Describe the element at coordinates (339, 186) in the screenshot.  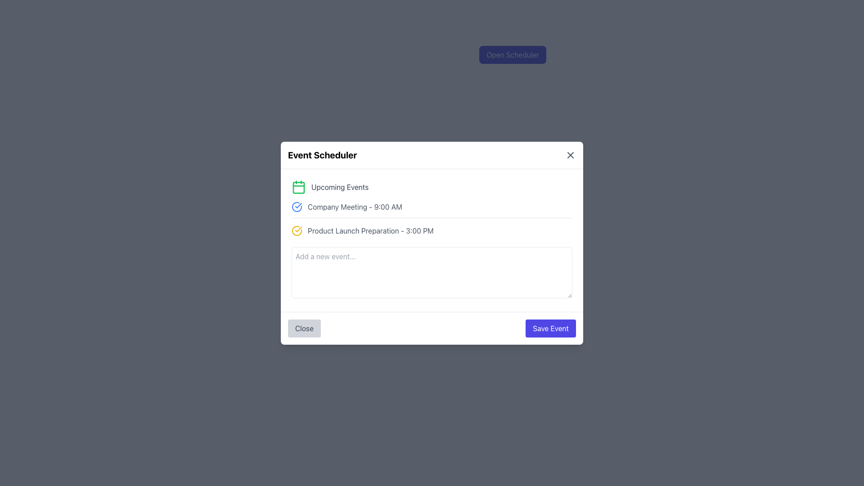
I see `the text label in the 'Event Scheduler' panel that serves as a header for the events section, located to the right of the green calendar icon` at that location.